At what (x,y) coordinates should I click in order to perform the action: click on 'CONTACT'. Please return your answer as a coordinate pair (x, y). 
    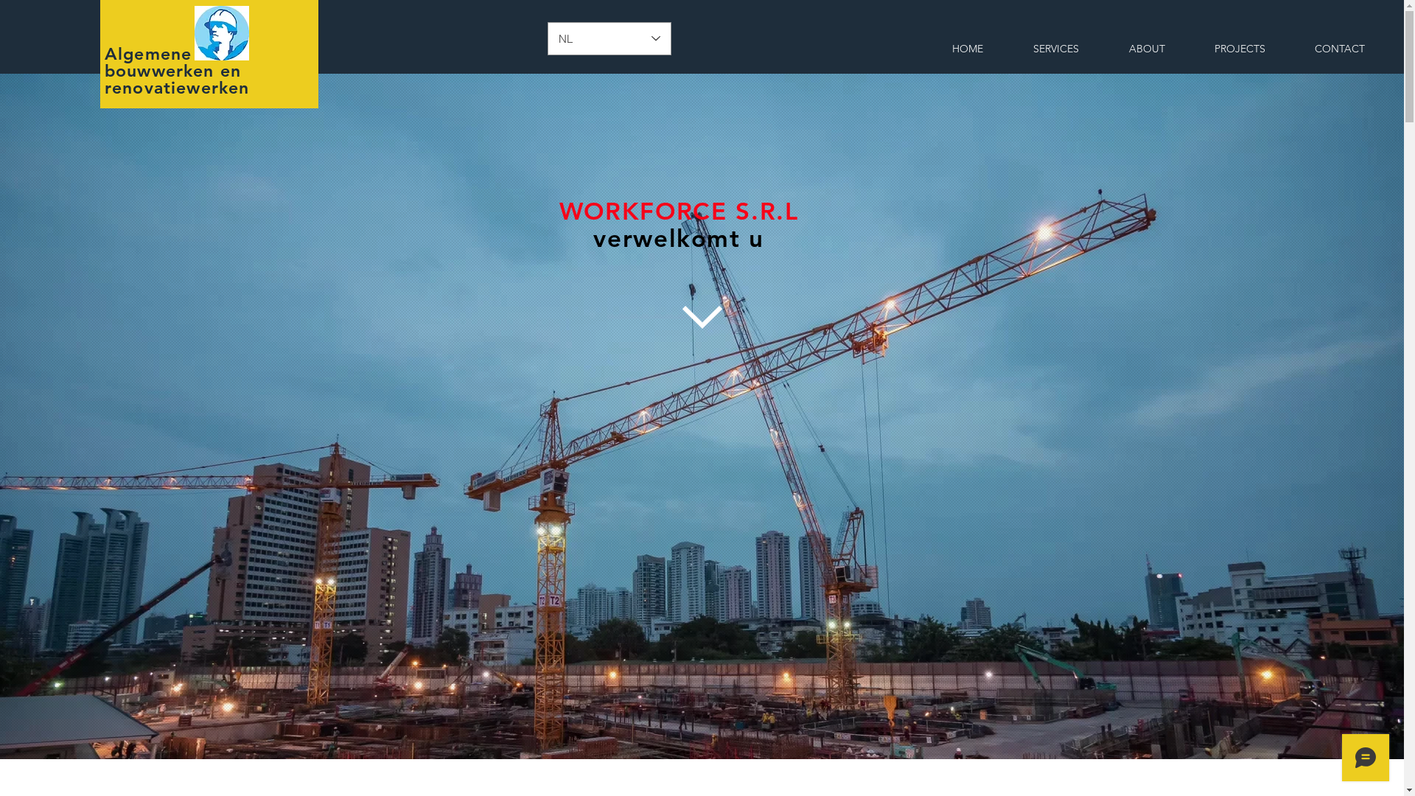
    Looking at the image, I should click on (1339, 48).